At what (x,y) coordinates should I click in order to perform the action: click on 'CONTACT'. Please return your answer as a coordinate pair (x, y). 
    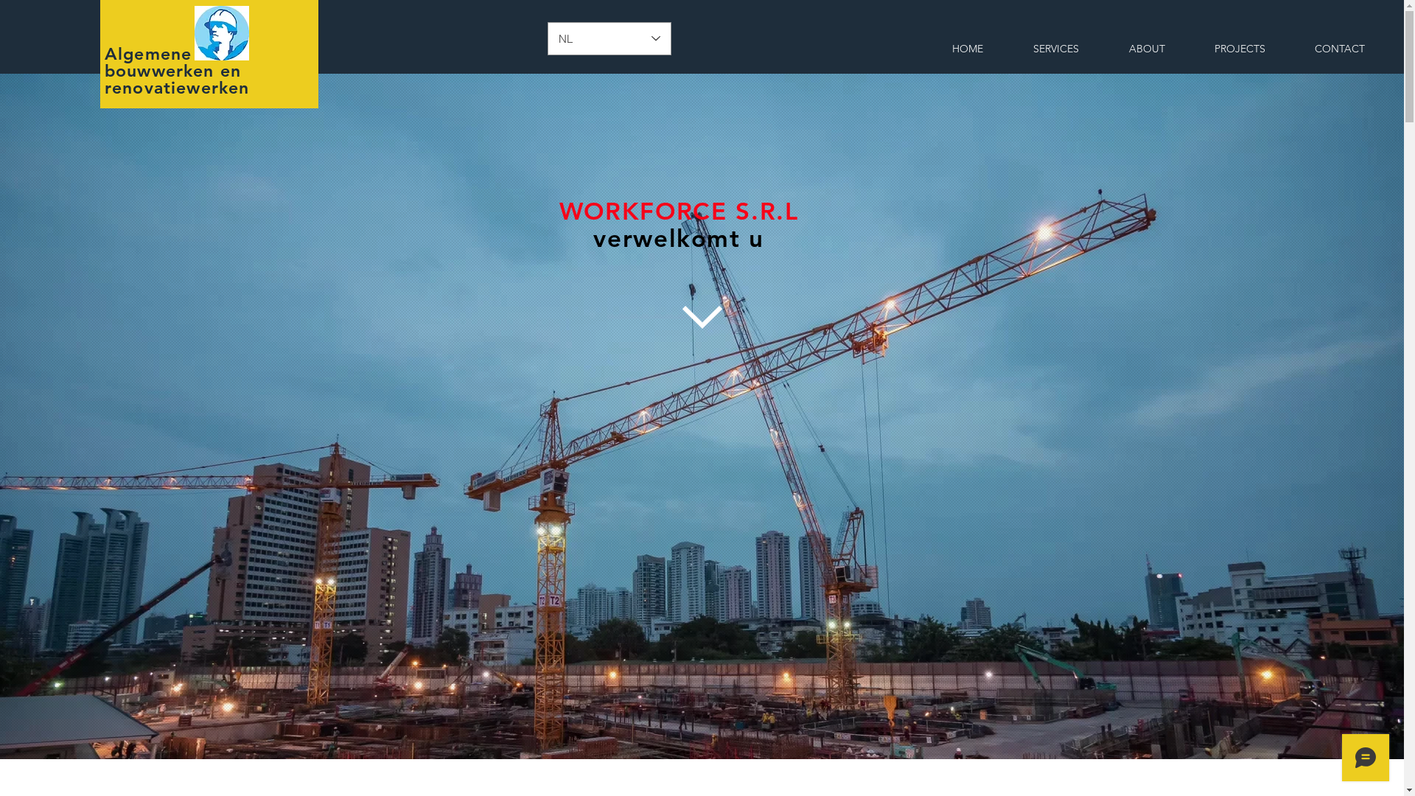
    Looking at the image, I should click on (1339, 48).